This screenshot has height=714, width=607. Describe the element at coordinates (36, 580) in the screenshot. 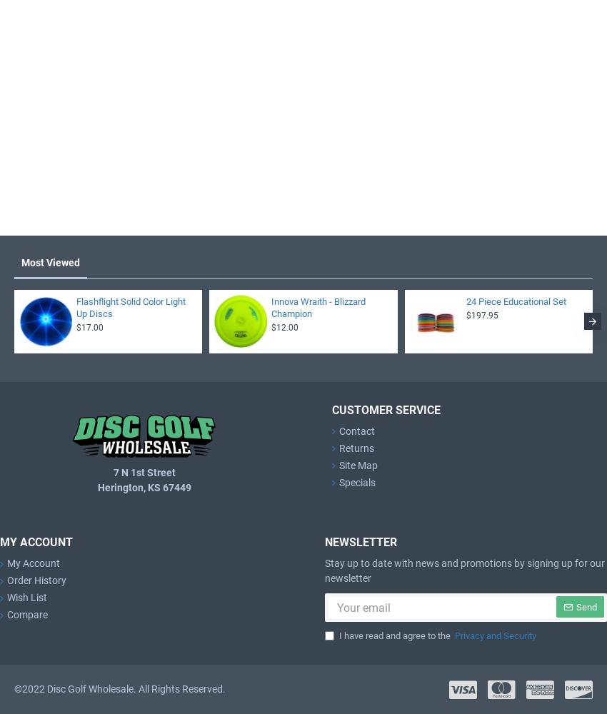

I see `'Order History'` at that location.